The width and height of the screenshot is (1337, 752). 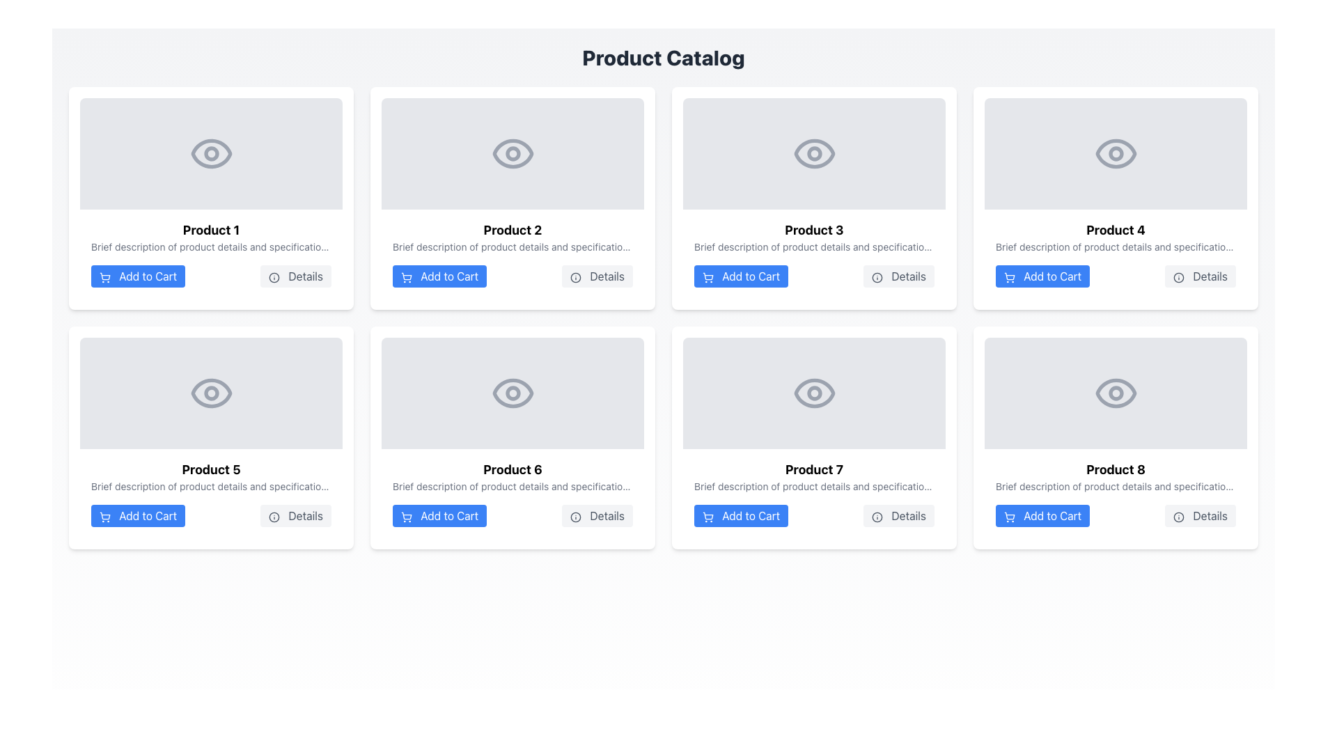 What do you see at coordinates (597, 515) in the screenshot?
I see `the 'Details' button with a light gray background and information icon` at bounding box center [597, 515].